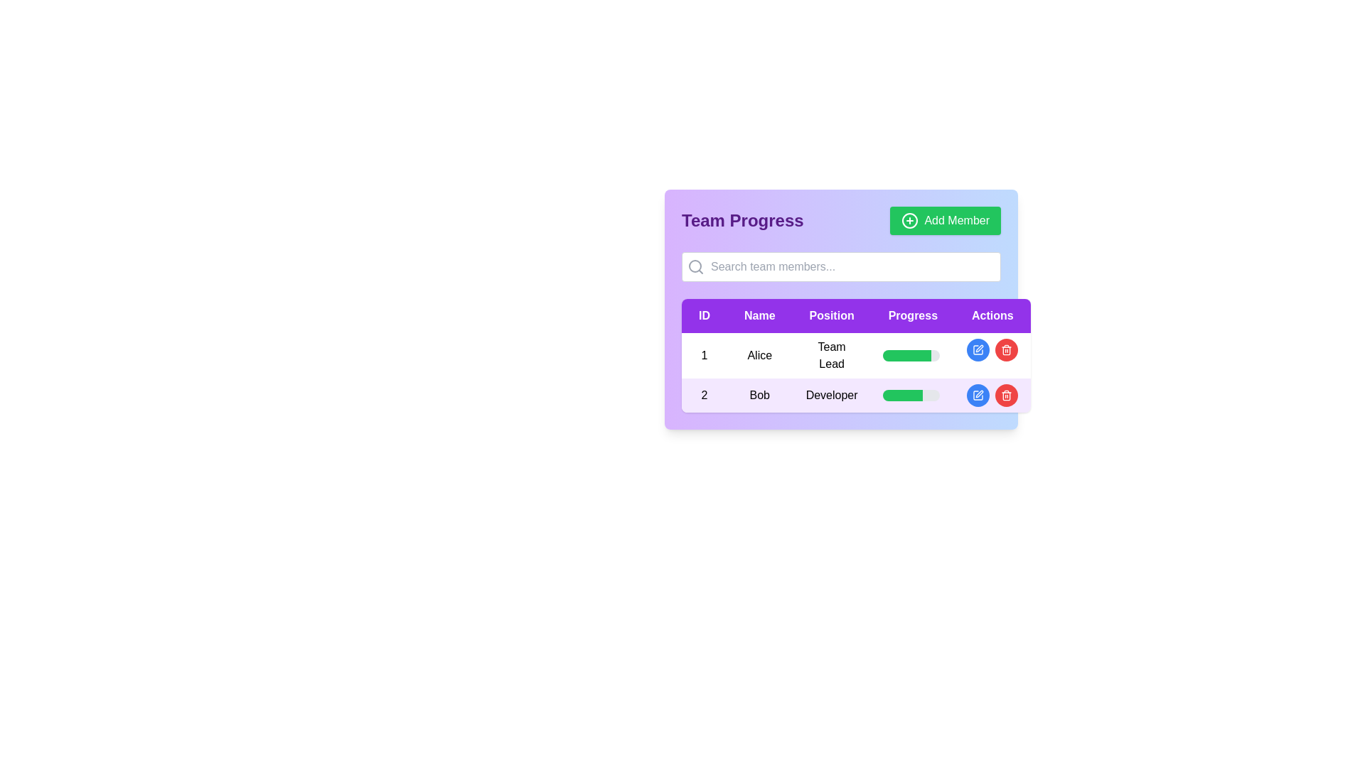  What do you see at coordinates (1006, 396) in the screenshot?
I see `the trash bin icon located in the 'Actions' column of the second row, which is positioned to the right of the 'Edit' button` at bounding box center [1006, 396].